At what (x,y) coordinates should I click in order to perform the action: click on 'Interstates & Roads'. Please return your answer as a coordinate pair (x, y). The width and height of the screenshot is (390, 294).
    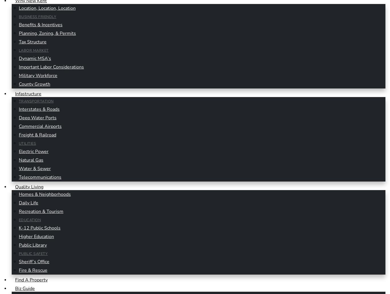
    Looking at the image, I should click on (39, 109).